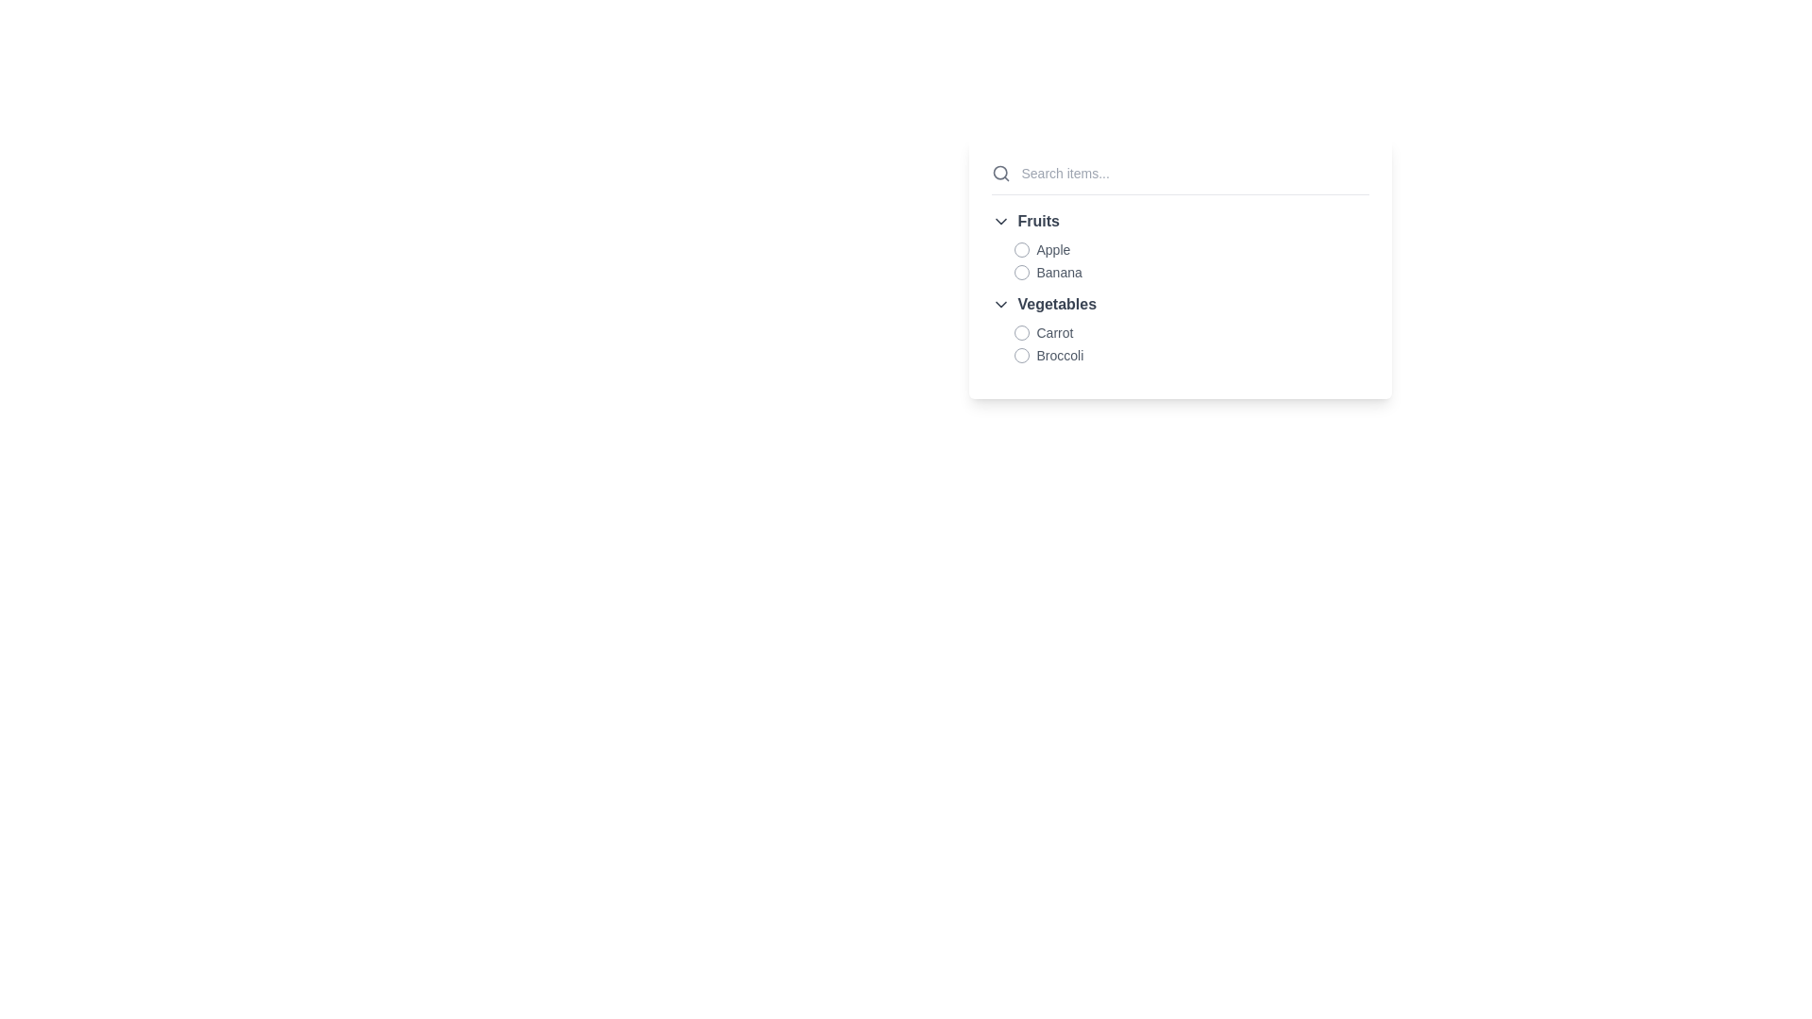 The height and width of the screenshot is (1019, 1812). What do you see at coordinates (1020, 273) in the screenshot?
I see `the radio button located to the left of the 'Banana' text label in the 'Fruits' section of the grouped list menu` at bounding box center [1020, 273].